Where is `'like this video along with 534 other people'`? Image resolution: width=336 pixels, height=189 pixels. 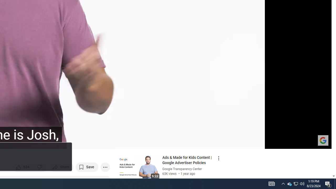 'like this video along with 534 other people' is located at coordinates (23, 167).